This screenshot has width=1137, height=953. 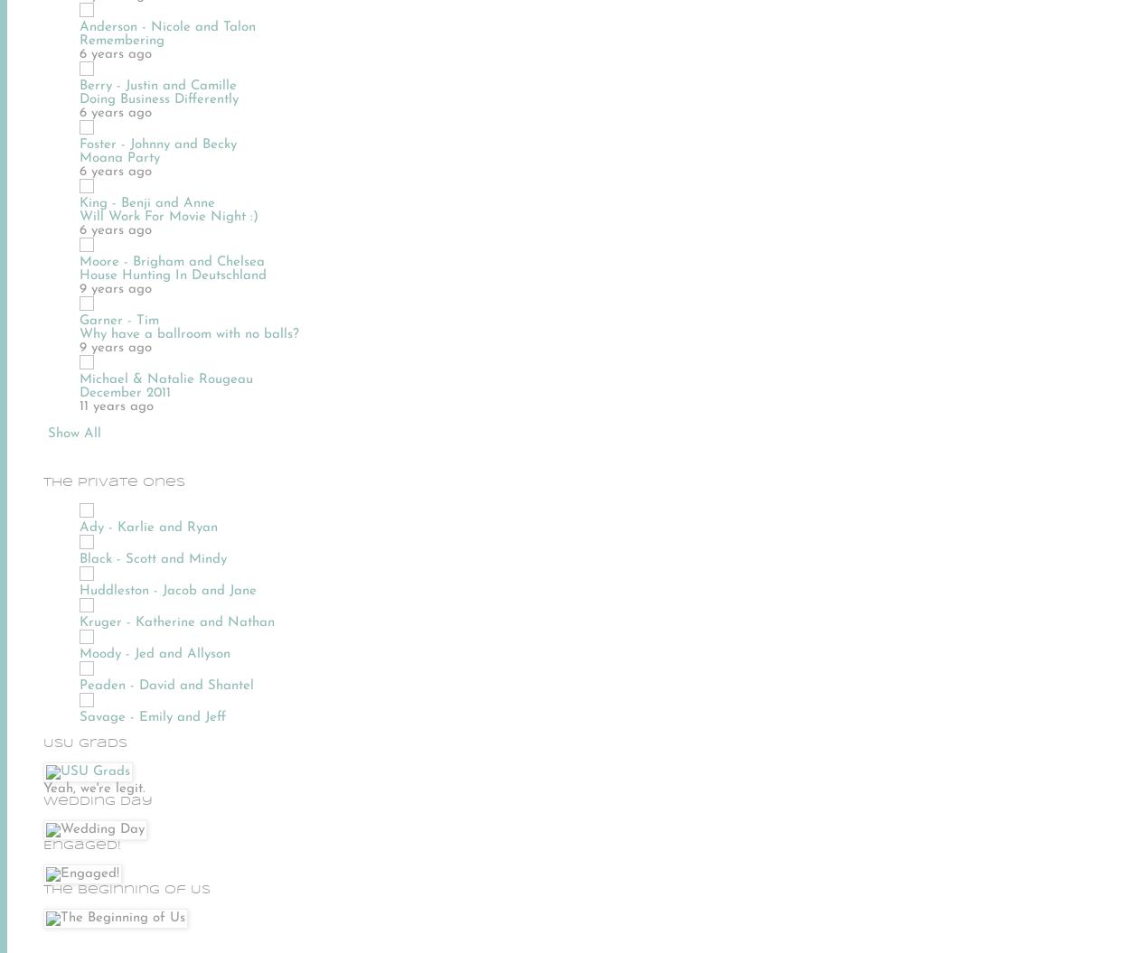 What do you see at coordinates (127, 889) in the screenshot?
I see `'The Beginning of Us'` at bounding box center [127, 889].